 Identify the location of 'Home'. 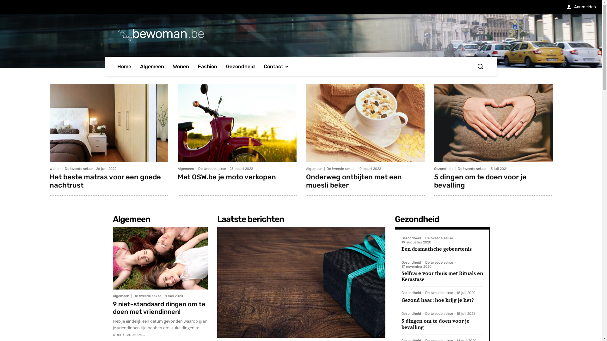
(124, 66).